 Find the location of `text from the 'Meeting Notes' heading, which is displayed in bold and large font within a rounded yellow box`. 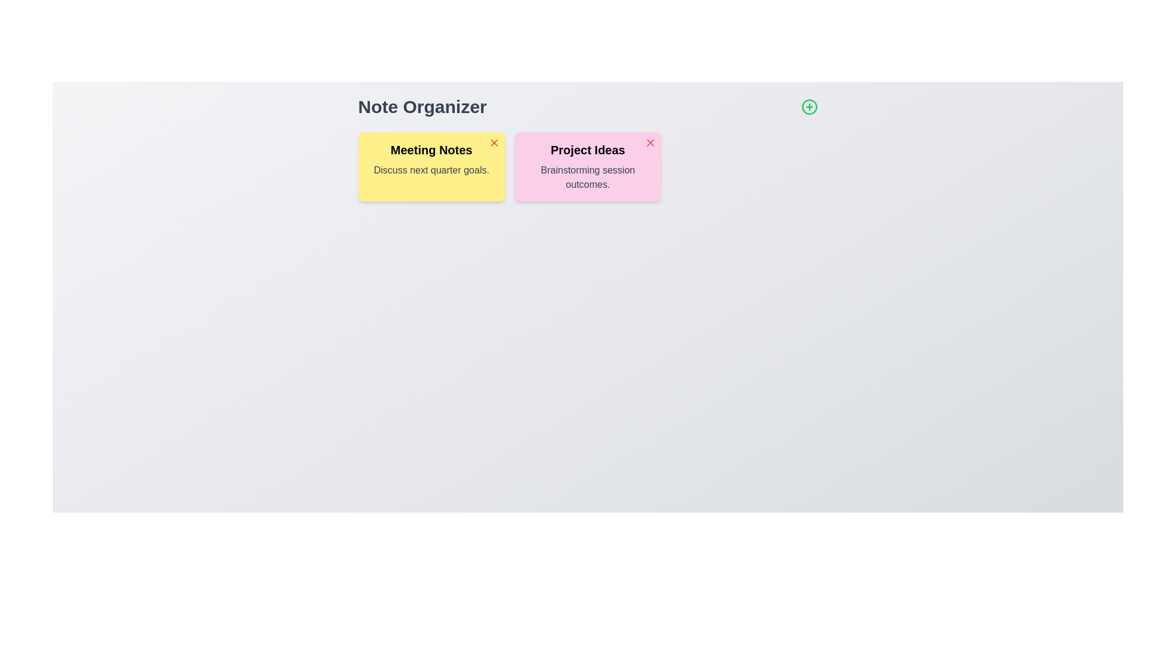

text from the 'Meeting Notes' heading, which is displayed in bold and large font within a rounded yellow box is located at coordinates (431, 149).